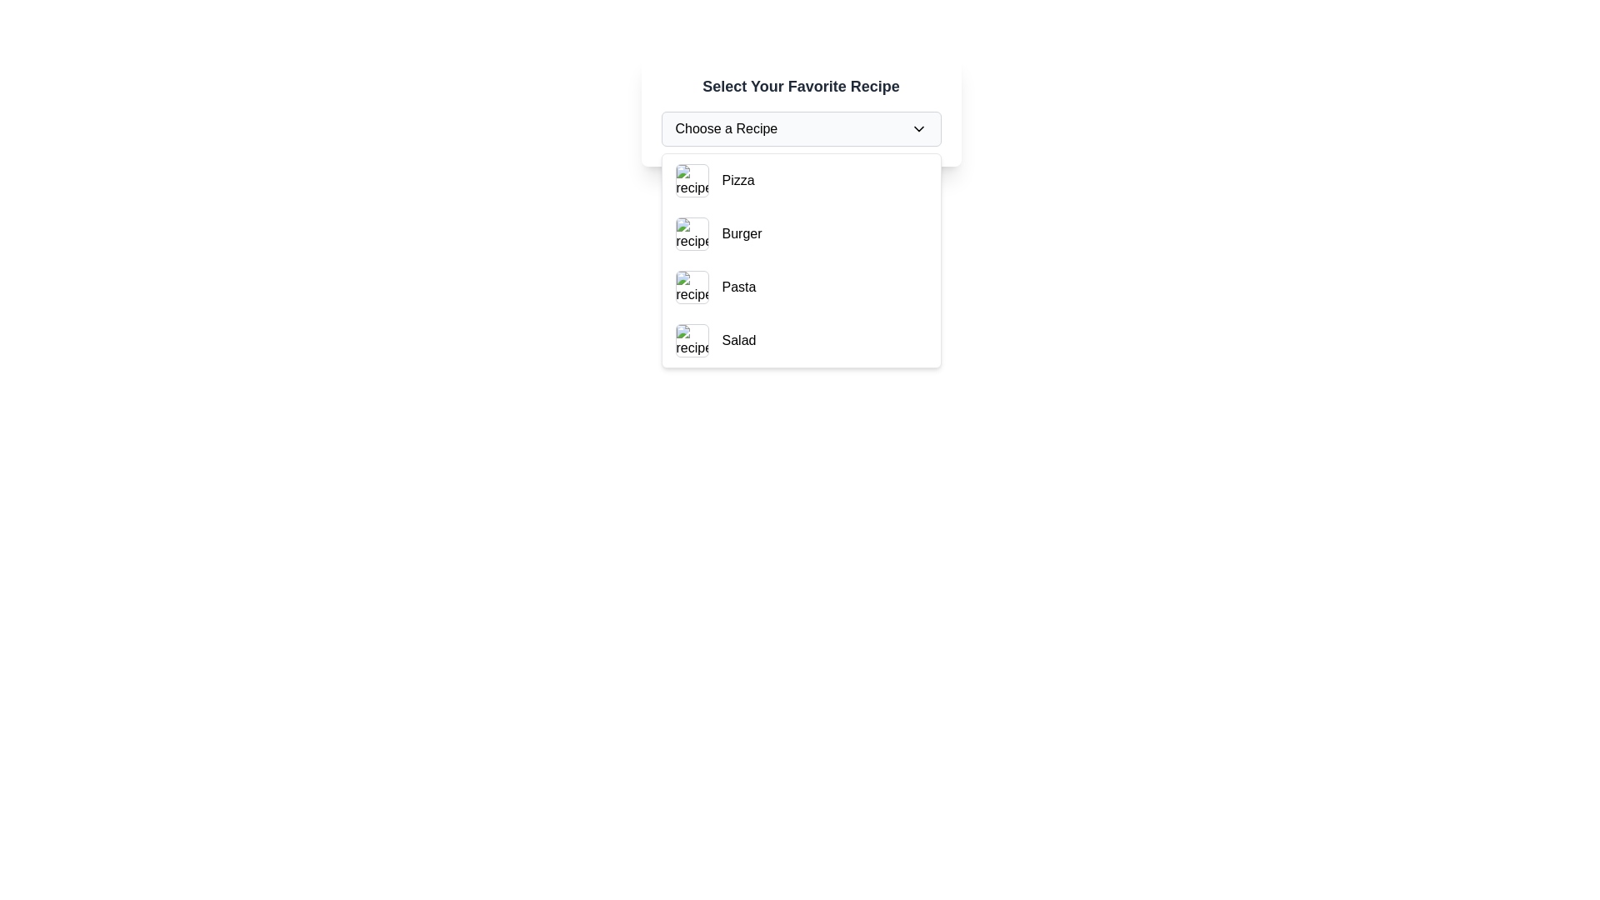 The width and height of the screenshot is (1600, 900). I want to click on the square placeholder image with a landscape illustration that is located to the far left of the dropdown item labeled 'Salad', so click(692, 339).